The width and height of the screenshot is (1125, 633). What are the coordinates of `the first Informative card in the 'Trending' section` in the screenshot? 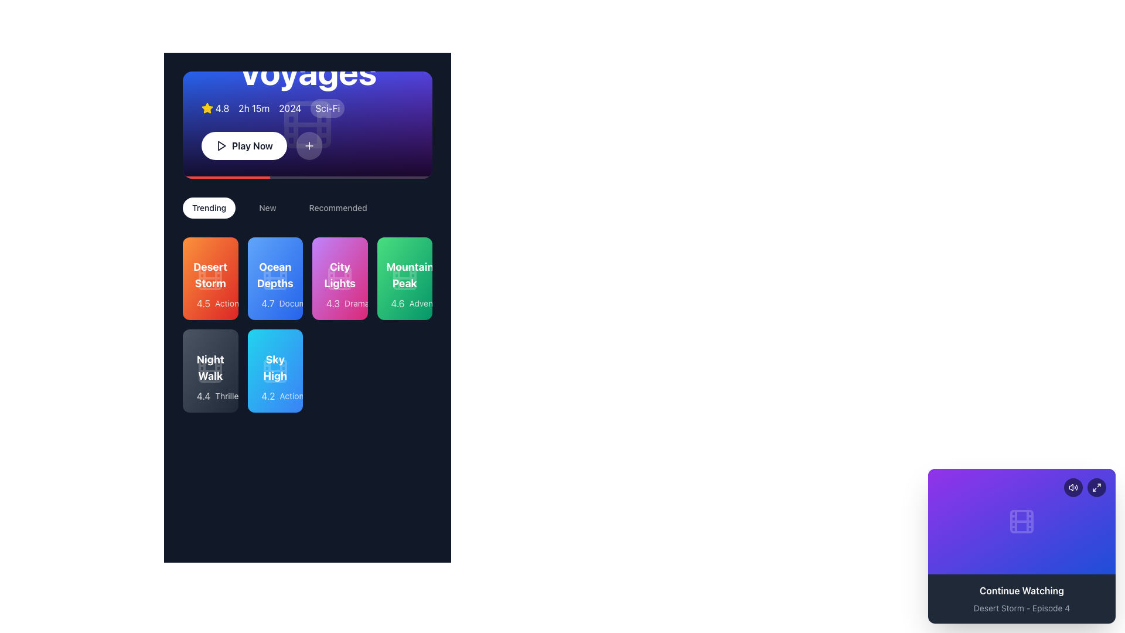 It's located at (210, 285).